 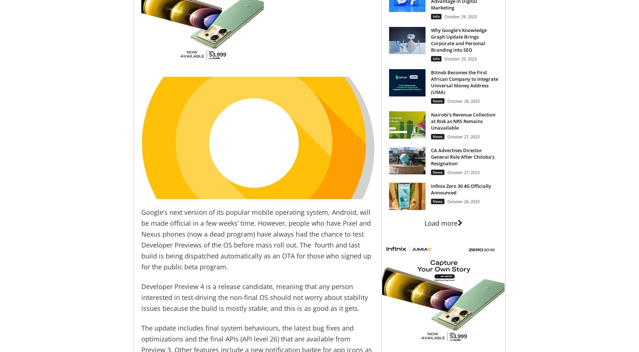 I want to click on 'Developer Preview 4 is a release candidate, meaning that any person interested in test-driving the non-final OS should not worry about stability issues because the build is mostly stable, and this is as good as it gets.', so click(x=141, y=297).